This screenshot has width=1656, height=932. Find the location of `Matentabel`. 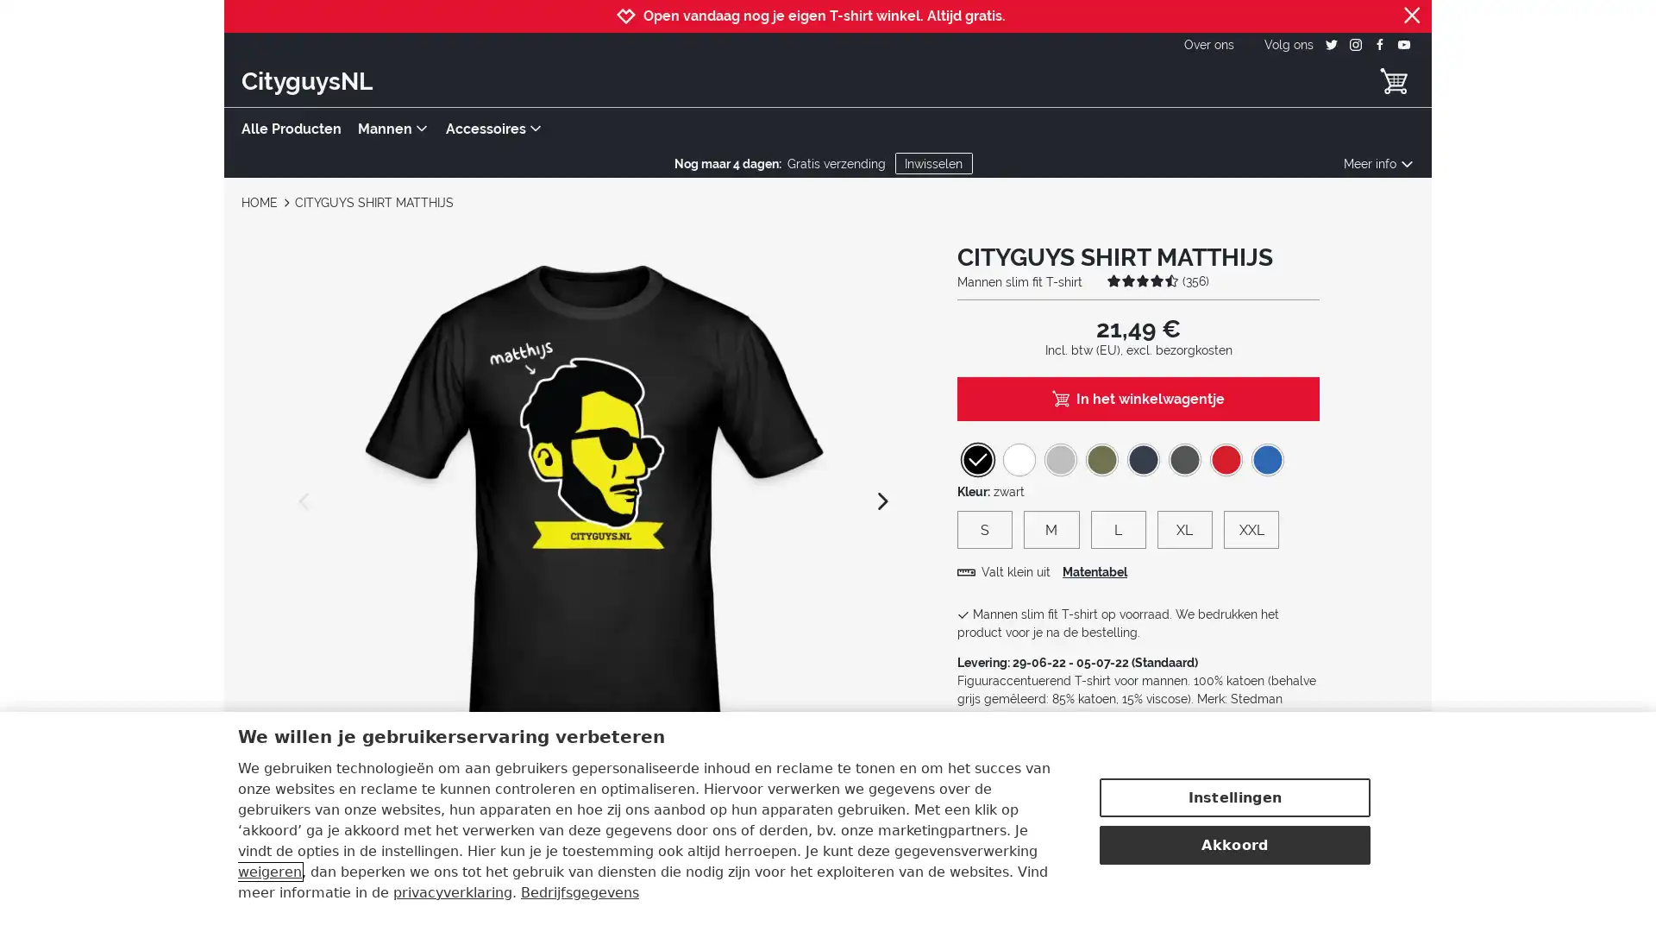

Matentabel is located at coordinates (1094, 572).